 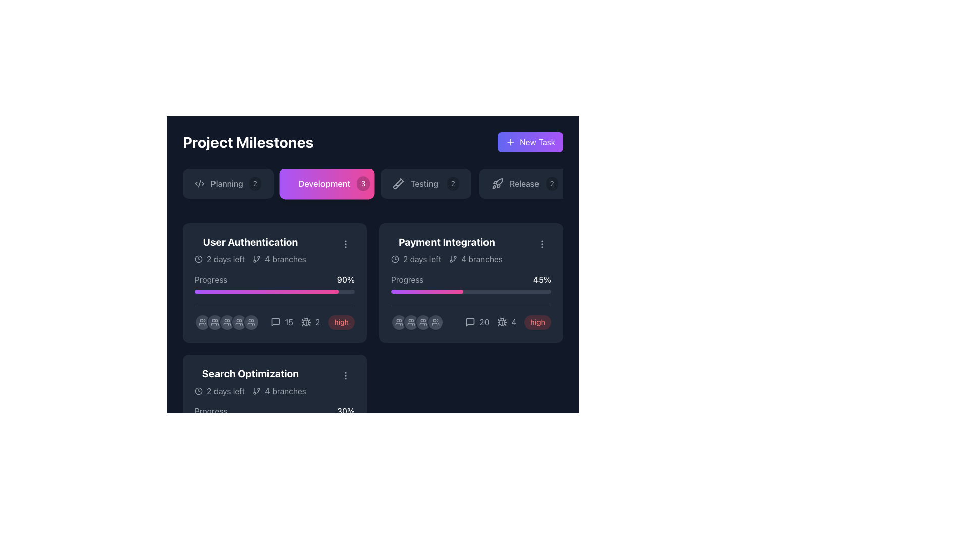 I want to click on milestone details from the informative card located in the top-left corner of the Development area grid, which provides information about the project's title, progress, remaining time, branches, and priority level, so click(x=275, y=283).